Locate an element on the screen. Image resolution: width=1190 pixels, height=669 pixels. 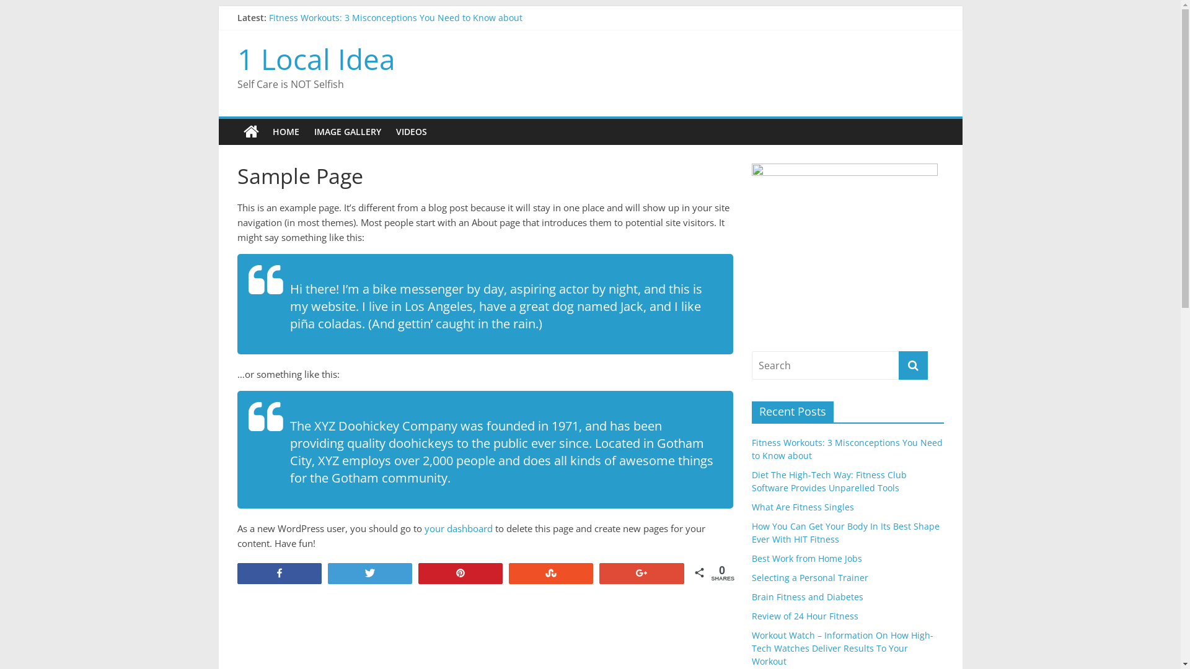
'What Are Fitness Singles' is located at coordinates (802, 507).